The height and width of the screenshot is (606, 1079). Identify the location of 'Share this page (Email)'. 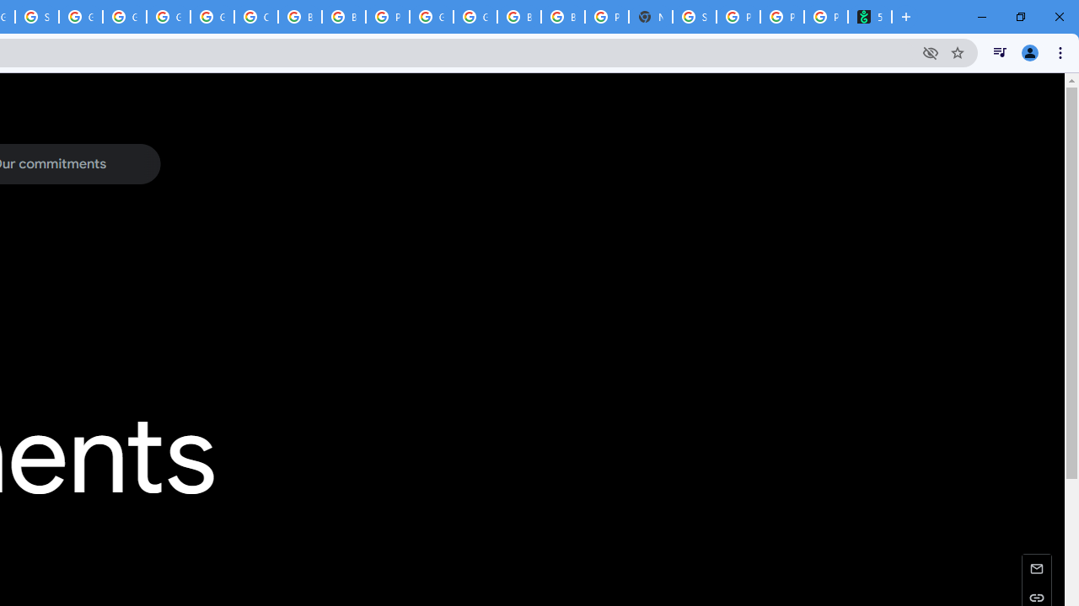
(1036, 568).